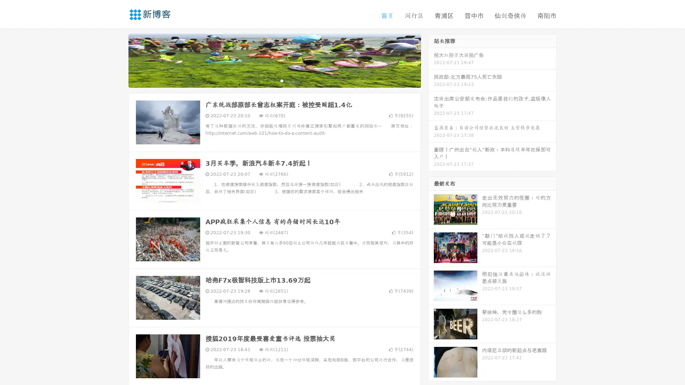  Describe the element at coordinates (118, 60) in the screenshot. I see `Previous slide` at that location.